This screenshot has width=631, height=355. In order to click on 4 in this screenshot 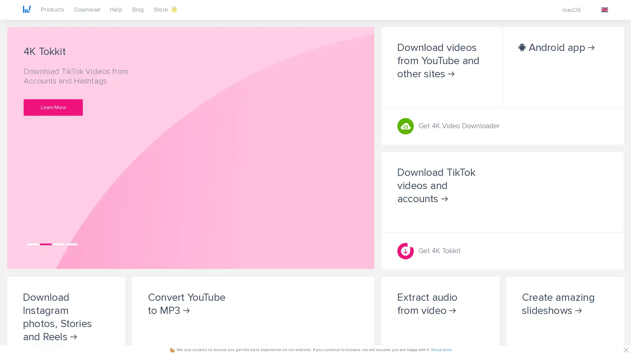, I will do `click(72, 244)`.